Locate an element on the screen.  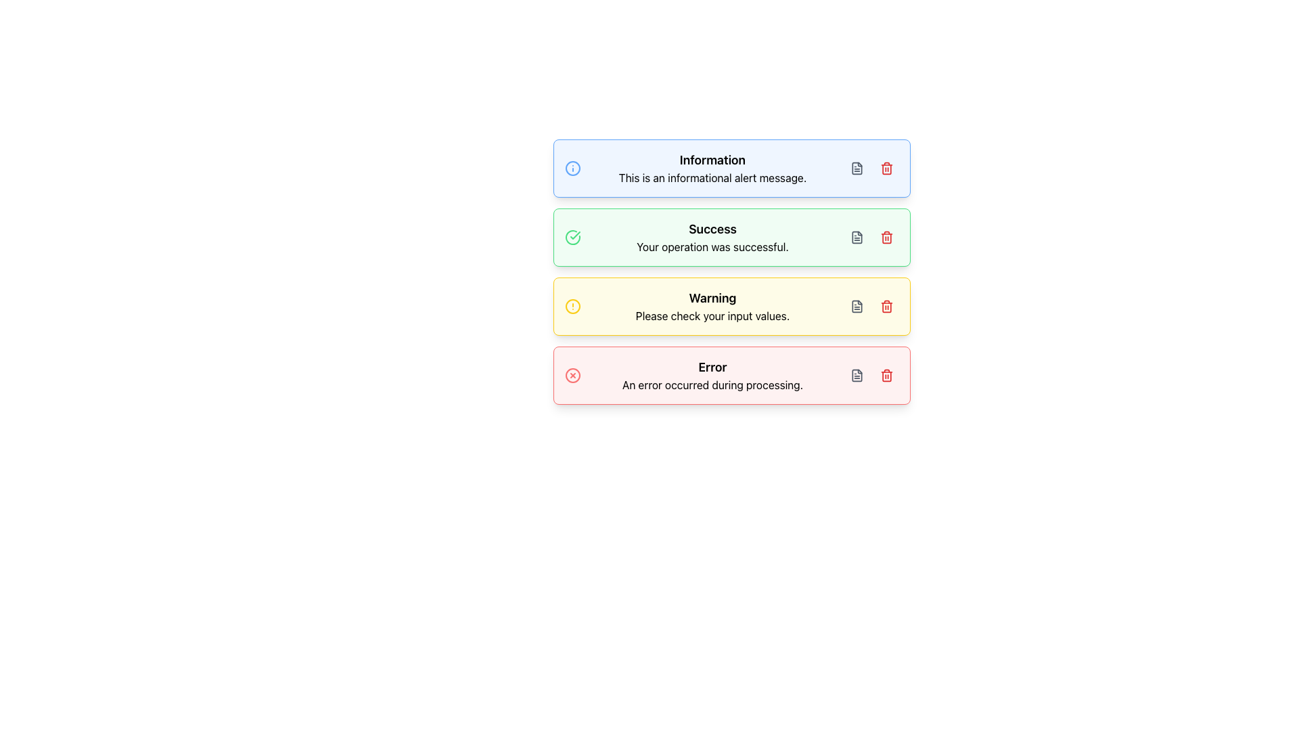
success notification message displayed in the Text Label, which is the second item in the vertical list of notifications, situated between the blue 'Information' notification and the yellow 'Warning' notification is located at coordinates (712, 237).